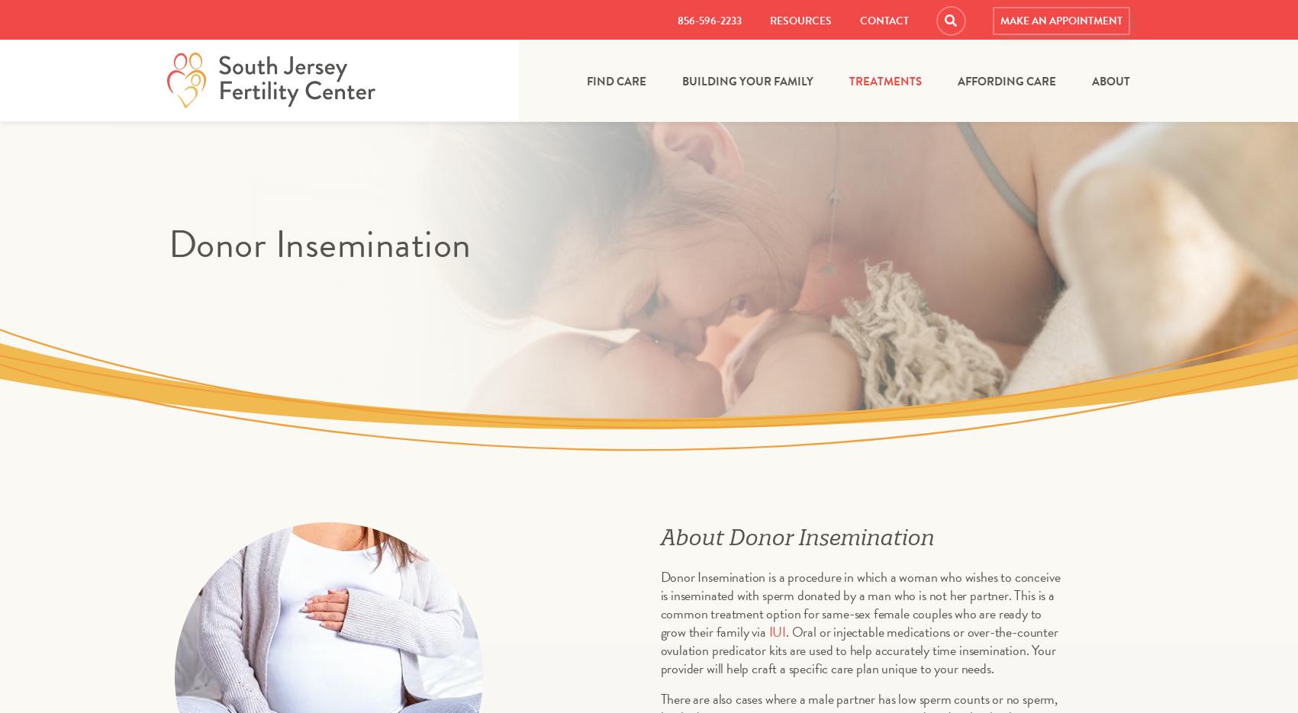  What do you see at coordinates (884, 80) in the screenshot?
I see `'Treatments'` at bounding box center [884, 80].